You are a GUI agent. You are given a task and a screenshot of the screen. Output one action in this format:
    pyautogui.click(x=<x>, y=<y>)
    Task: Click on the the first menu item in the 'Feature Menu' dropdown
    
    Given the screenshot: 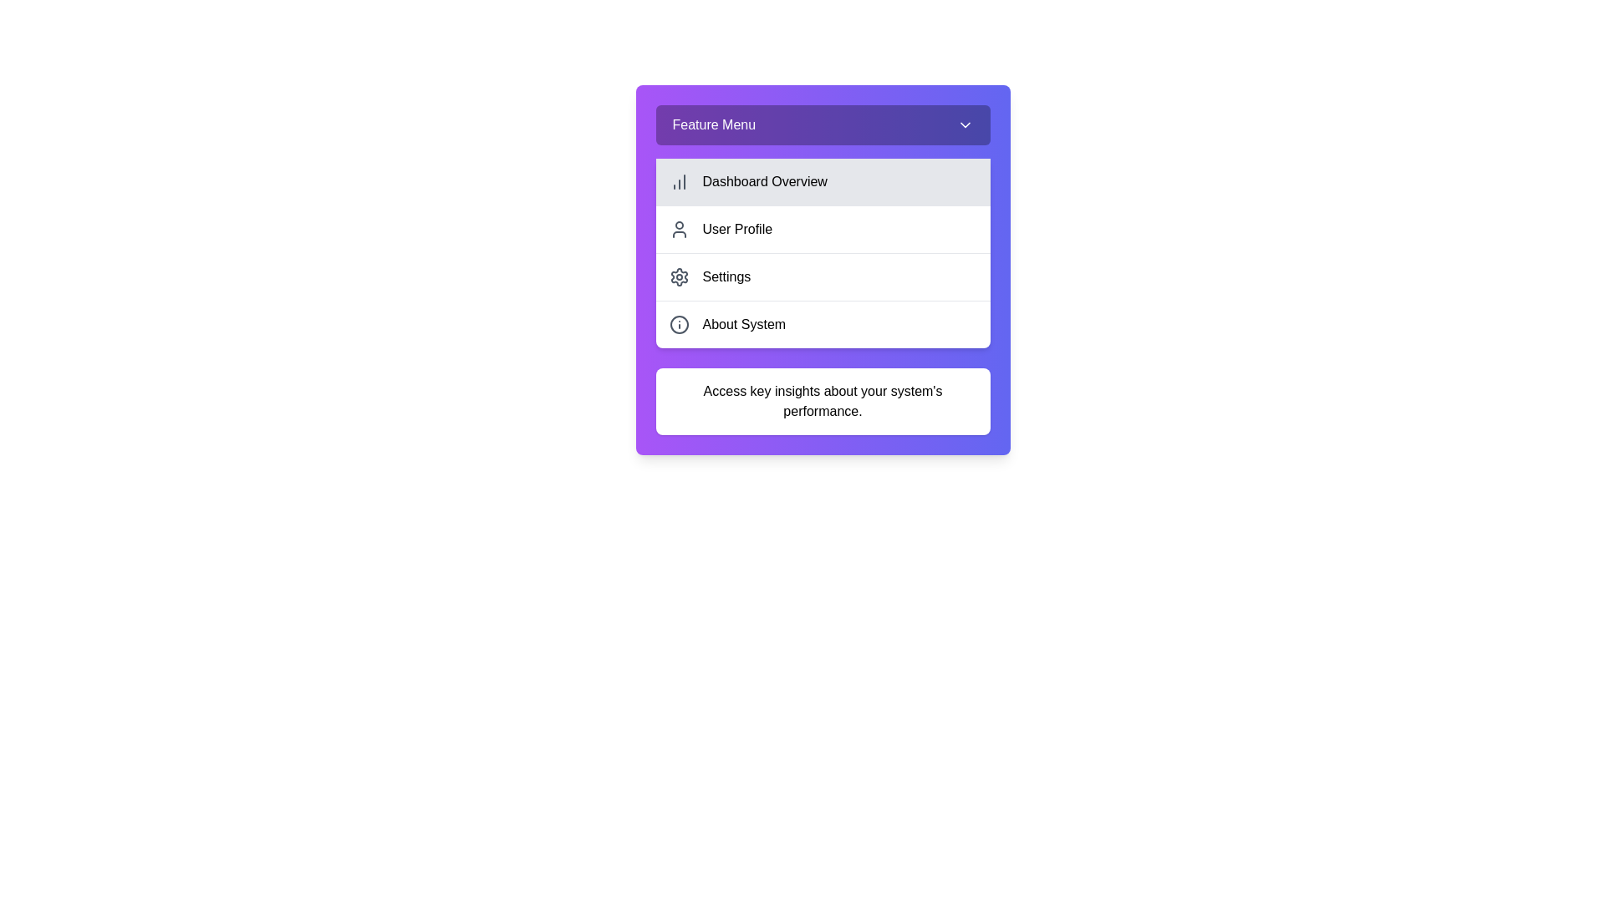 What is the action you would take?
    pyautogui.click(x=823, y=182)
    